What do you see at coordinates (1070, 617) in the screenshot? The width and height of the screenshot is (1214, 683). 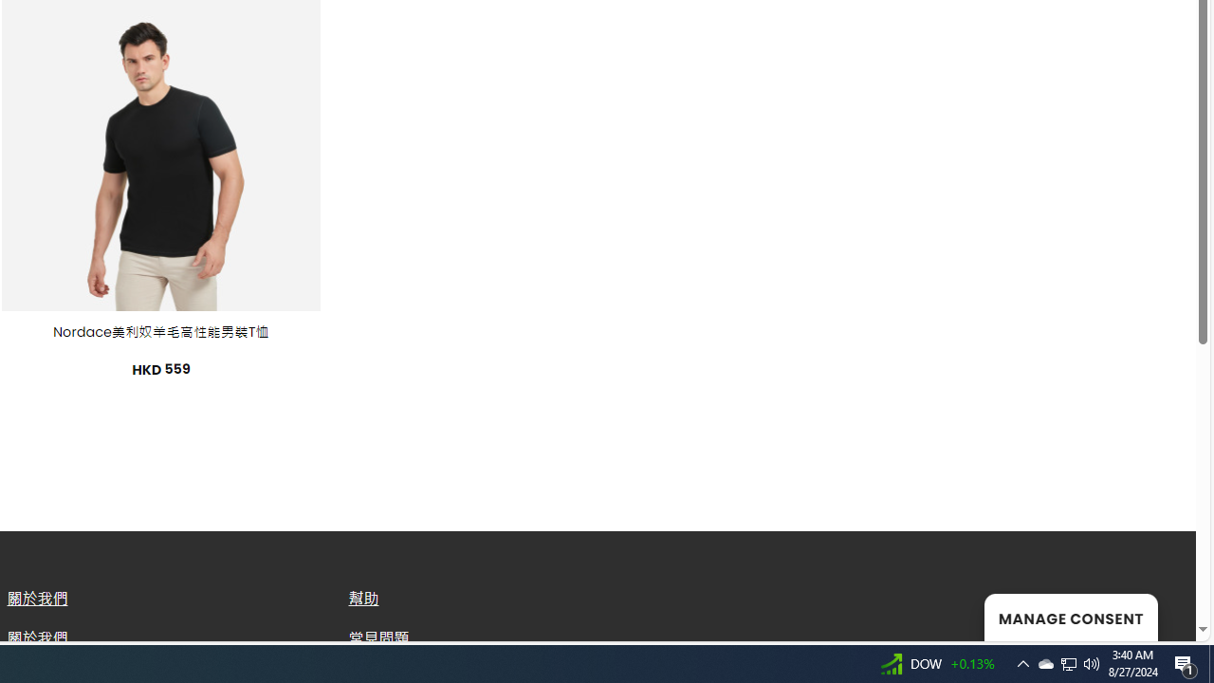 I see `'MANAGE CONSENT'` at bounding box center [1070, 617].